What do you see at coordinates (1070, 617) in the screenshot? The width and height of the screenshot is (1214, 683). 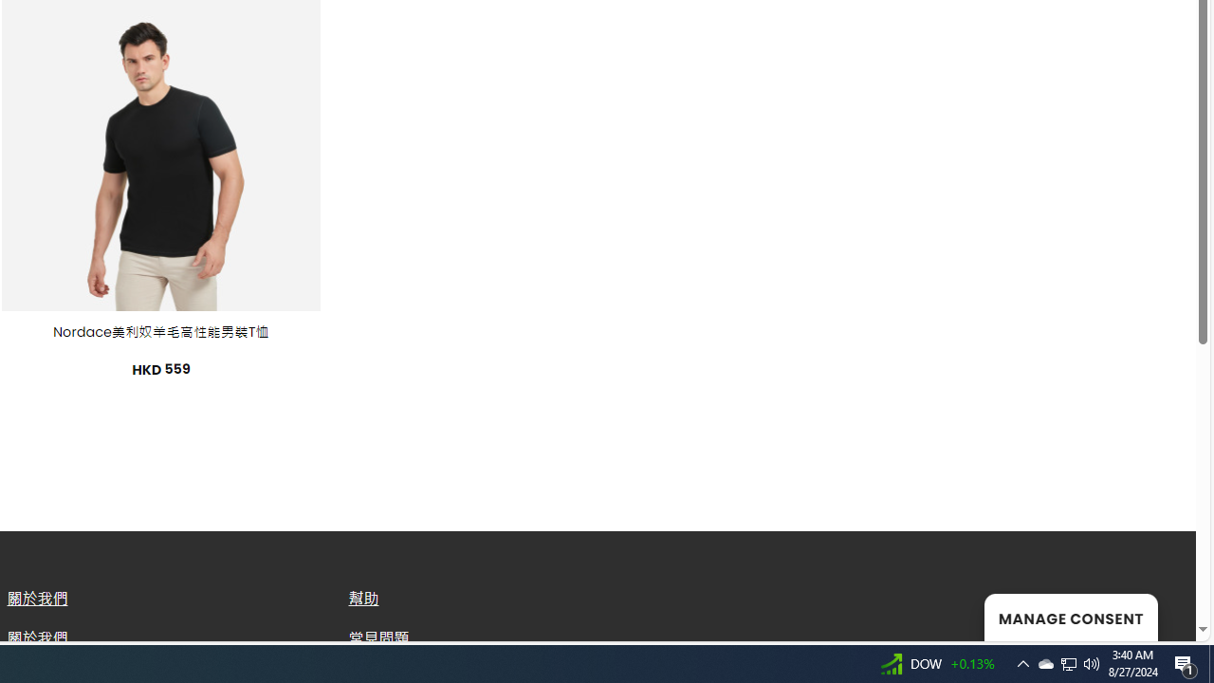 I see `'MANAGE CONSENT'` at bounding box center [1070, 617].